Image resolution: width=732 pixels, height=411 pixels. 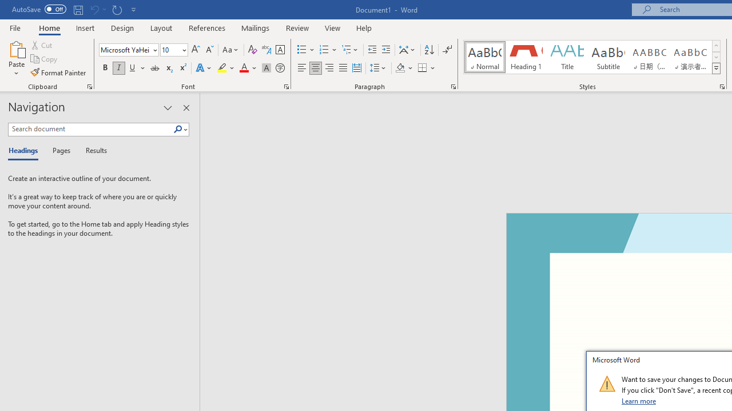 I want to click on 'Copy', so click(x=45, y=59).